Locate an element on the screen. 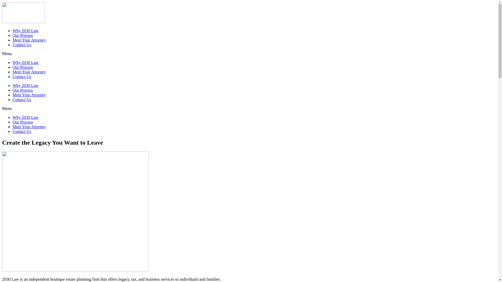 The width and height of the screenshot is (502, 282). 'Why 2030 Law' is located at coordinates (25, 31).